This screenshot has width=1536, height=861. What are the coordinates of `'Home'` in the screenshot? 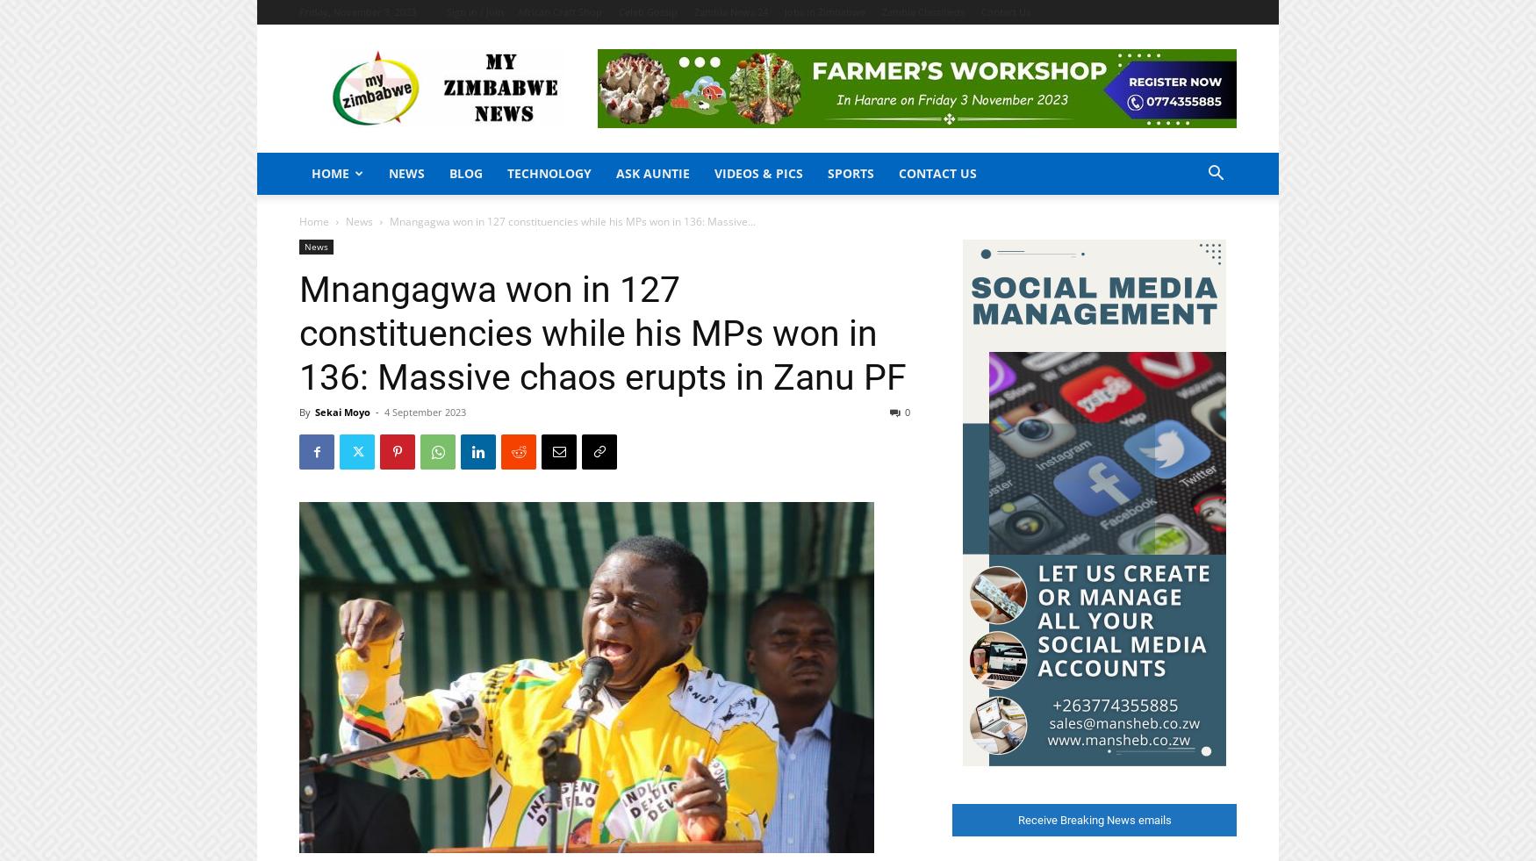 It's located at (314, 220).